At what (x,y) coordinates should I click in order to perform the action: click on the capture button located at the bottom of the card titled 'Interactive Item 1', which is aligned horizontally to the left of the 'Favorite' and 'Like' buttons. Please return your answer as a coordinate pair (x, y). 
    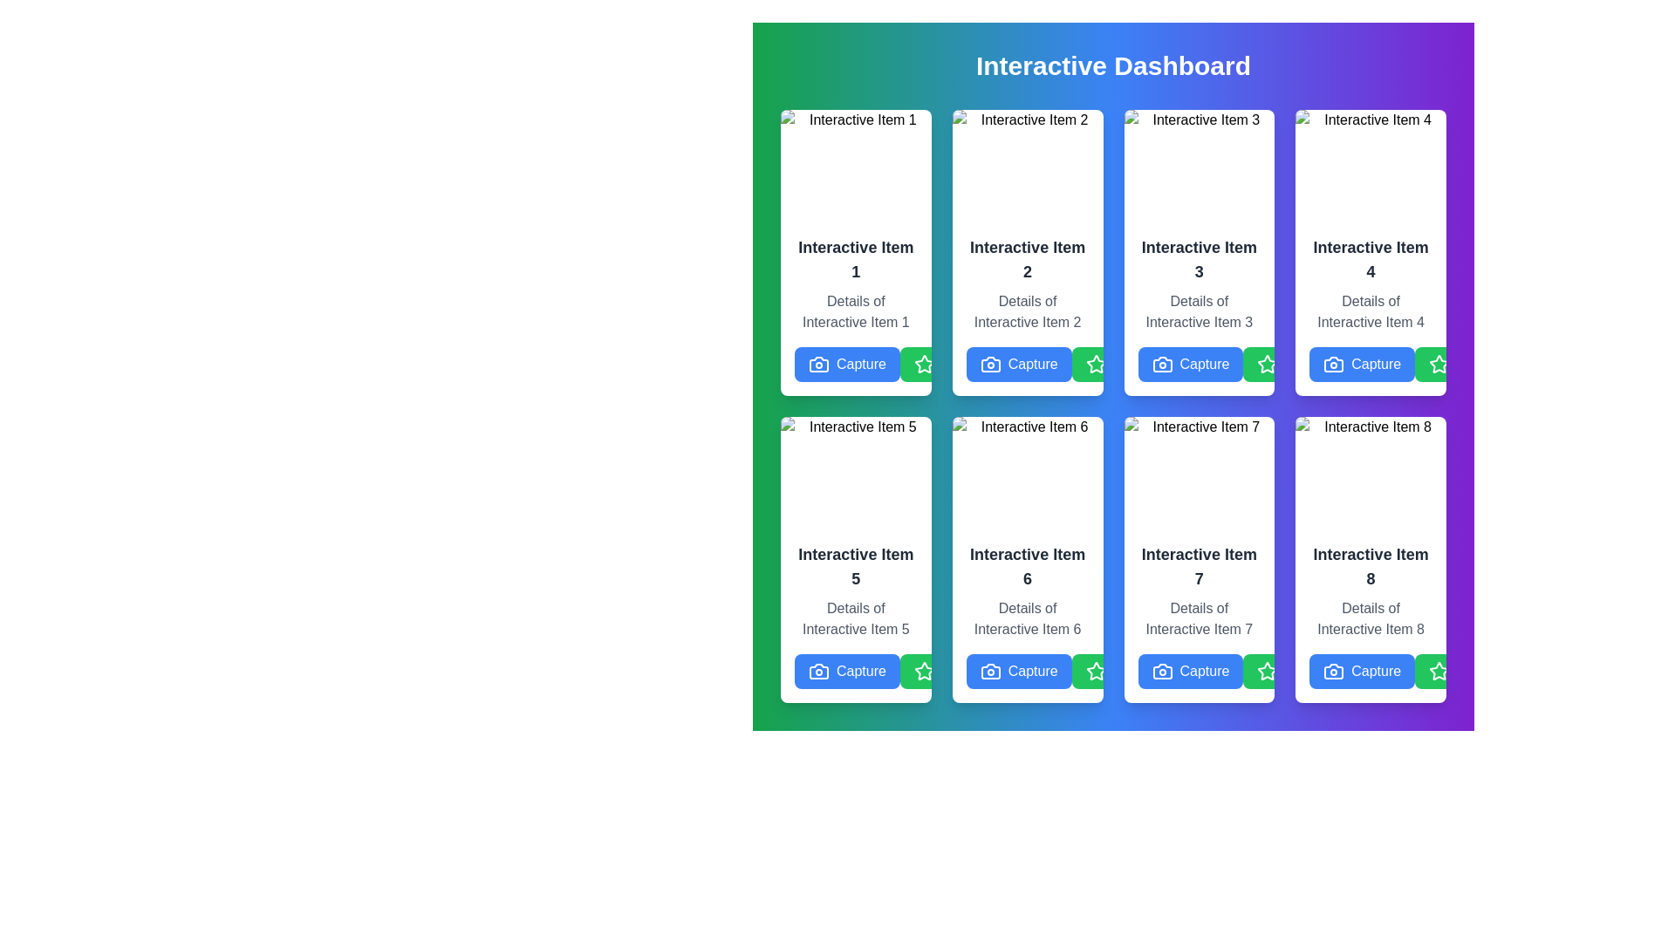
    Looking at the image, I should click on (856, 363).